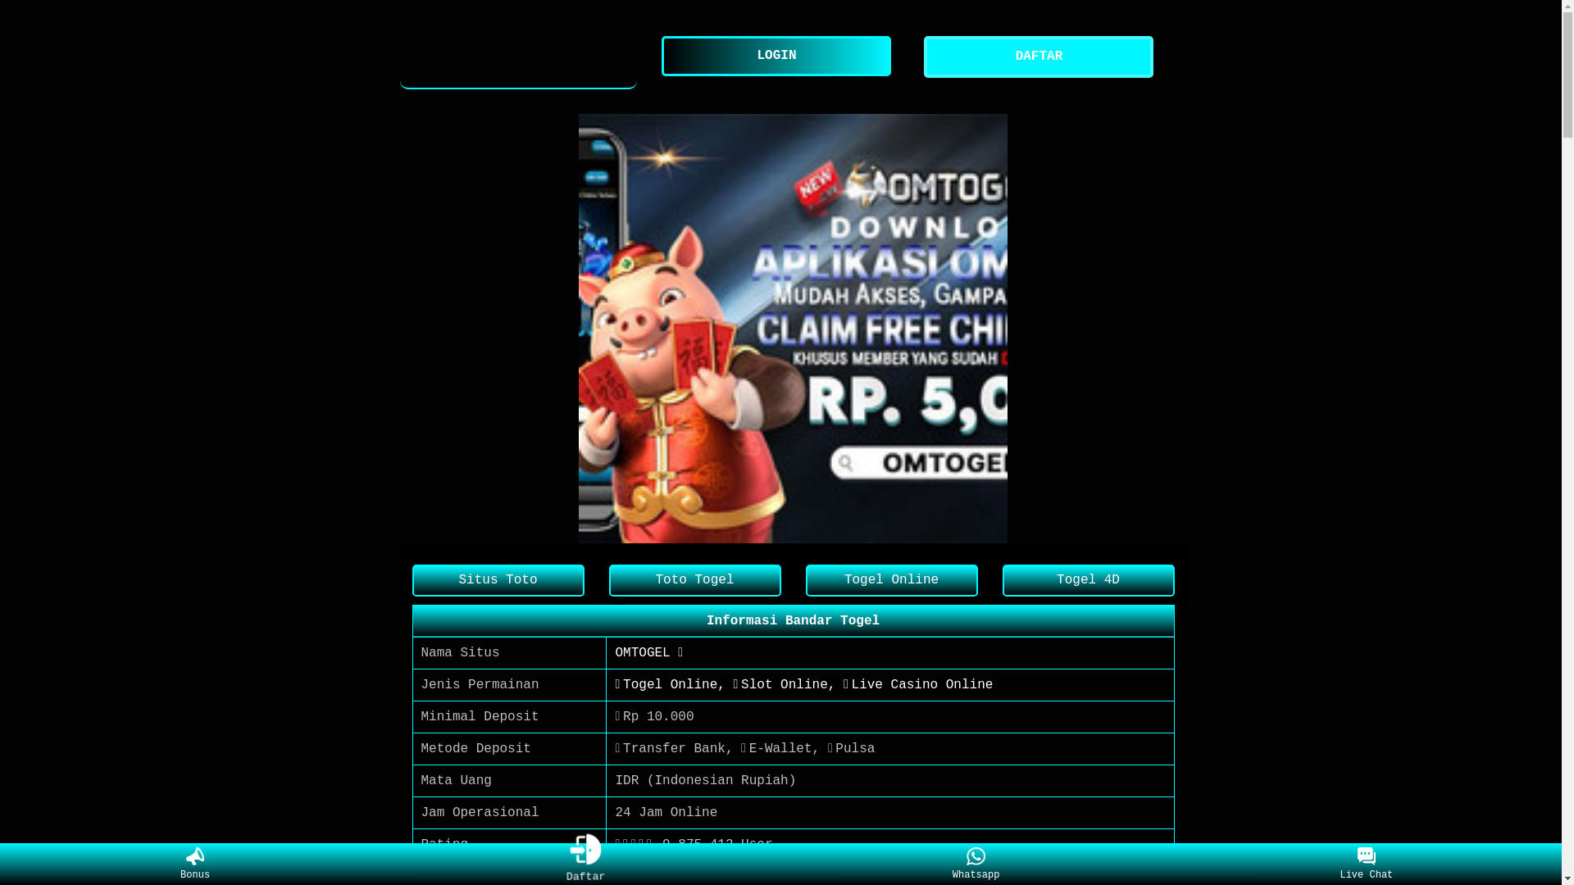  I want to click on 'Previous item in carousel (1 of 1)', so click(425, 328).